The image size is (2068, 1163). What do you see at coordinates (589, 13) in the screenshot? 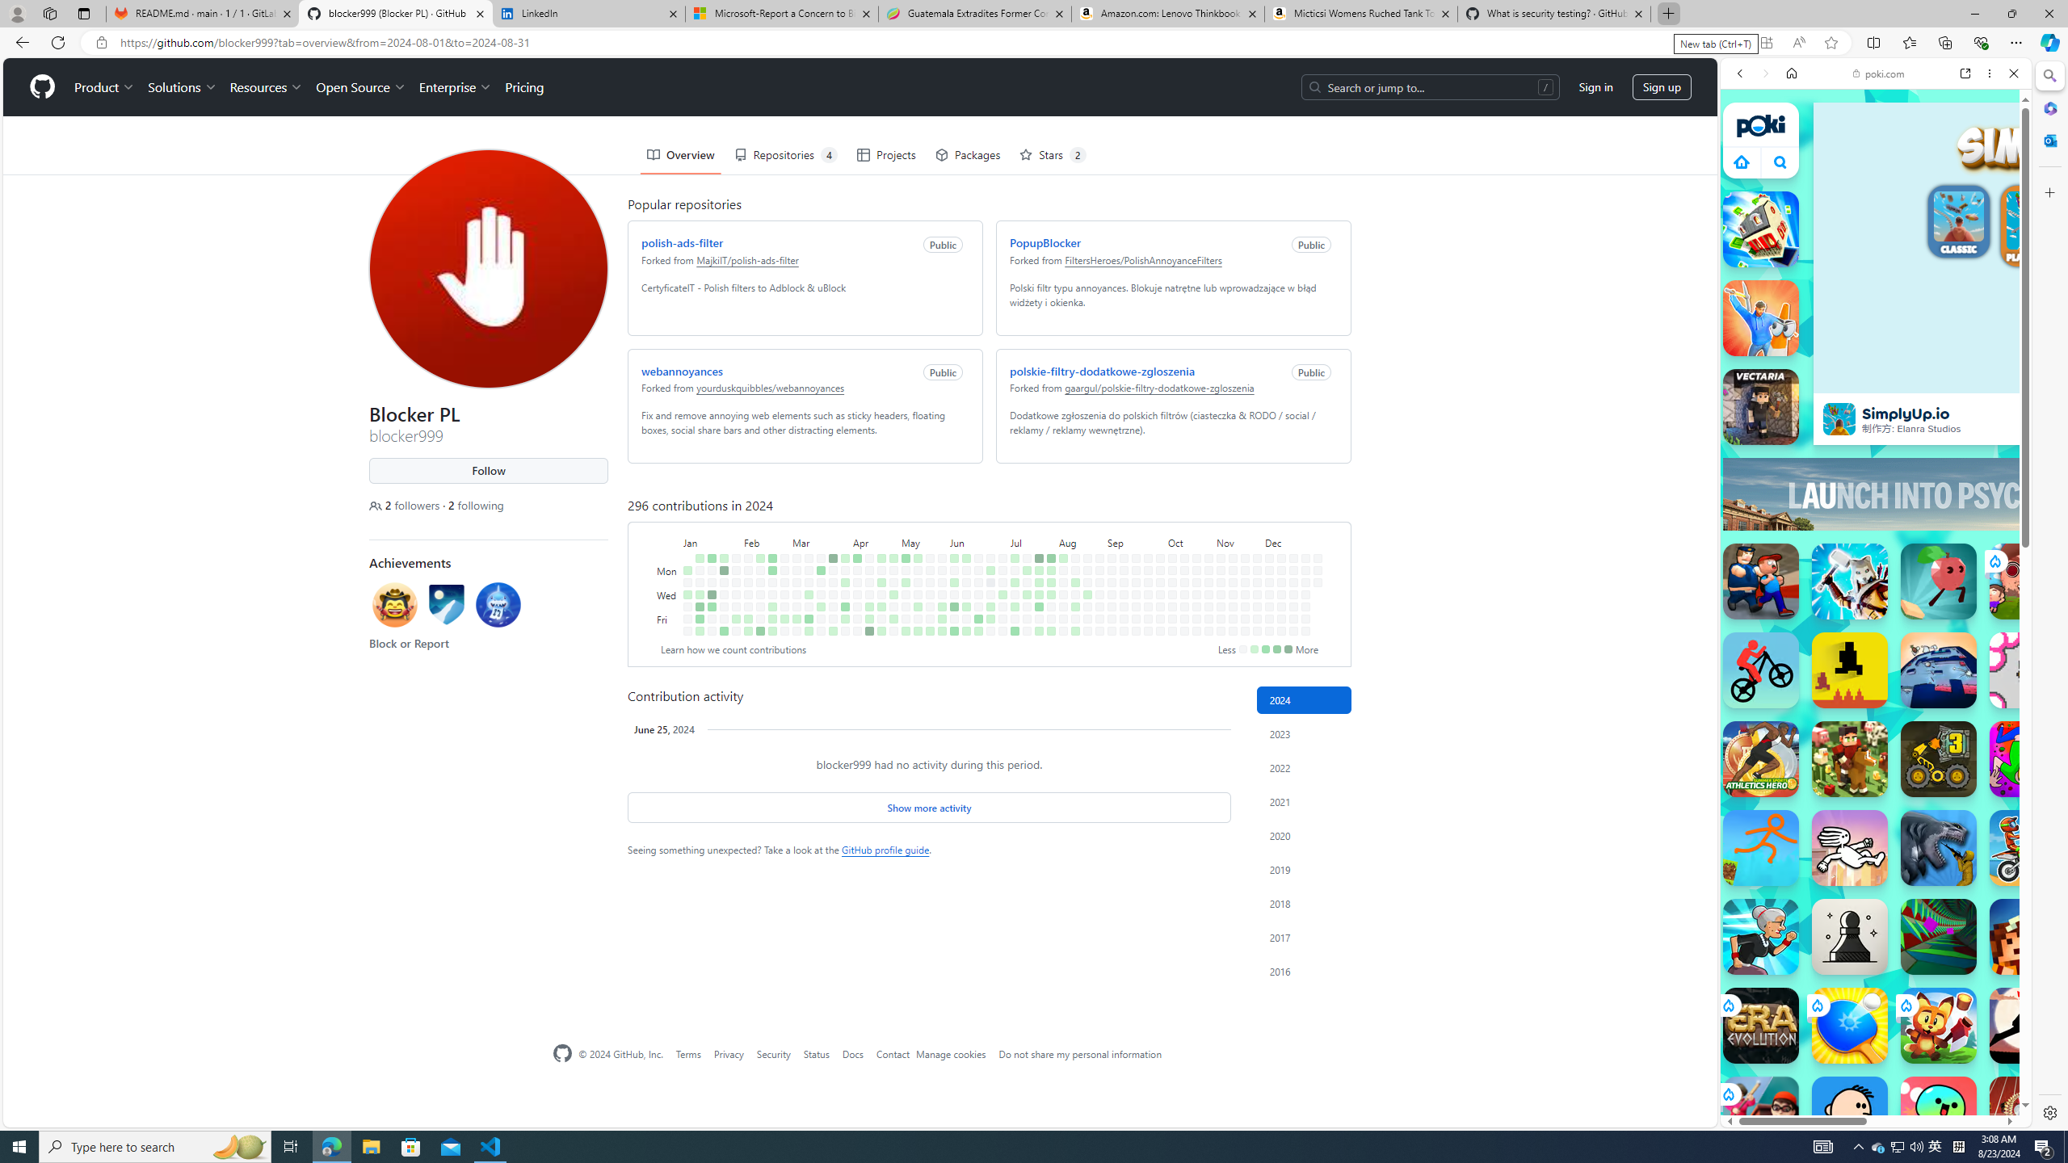
I see `'LinkedIn'` at bounding box center [589, 13].